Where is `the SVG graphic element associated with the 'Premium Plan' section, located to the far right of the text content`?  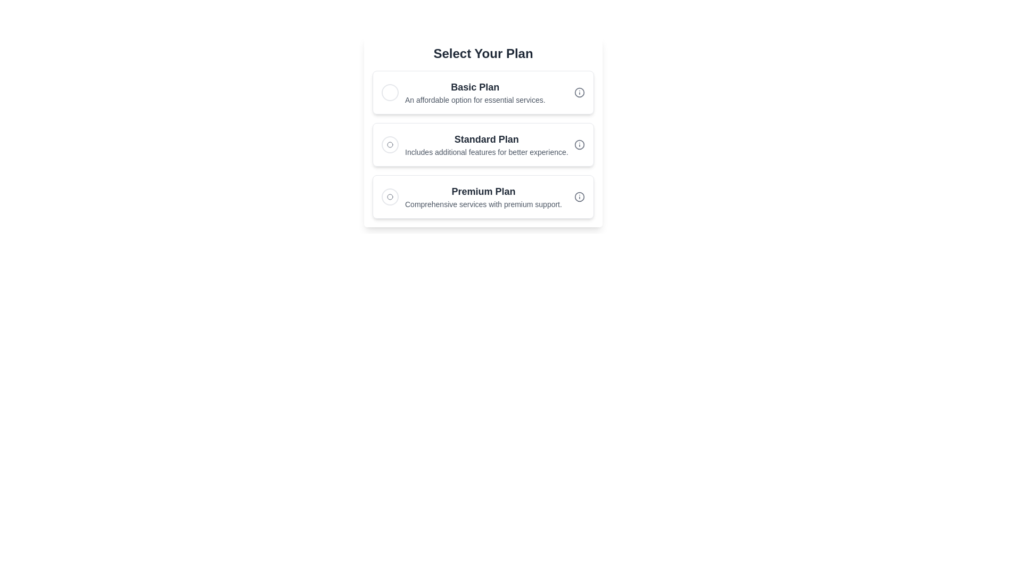
the SVG graphic element associated with the 'Premium Plan' section, located to the far right of the text content is located at coordinates (579, 197).